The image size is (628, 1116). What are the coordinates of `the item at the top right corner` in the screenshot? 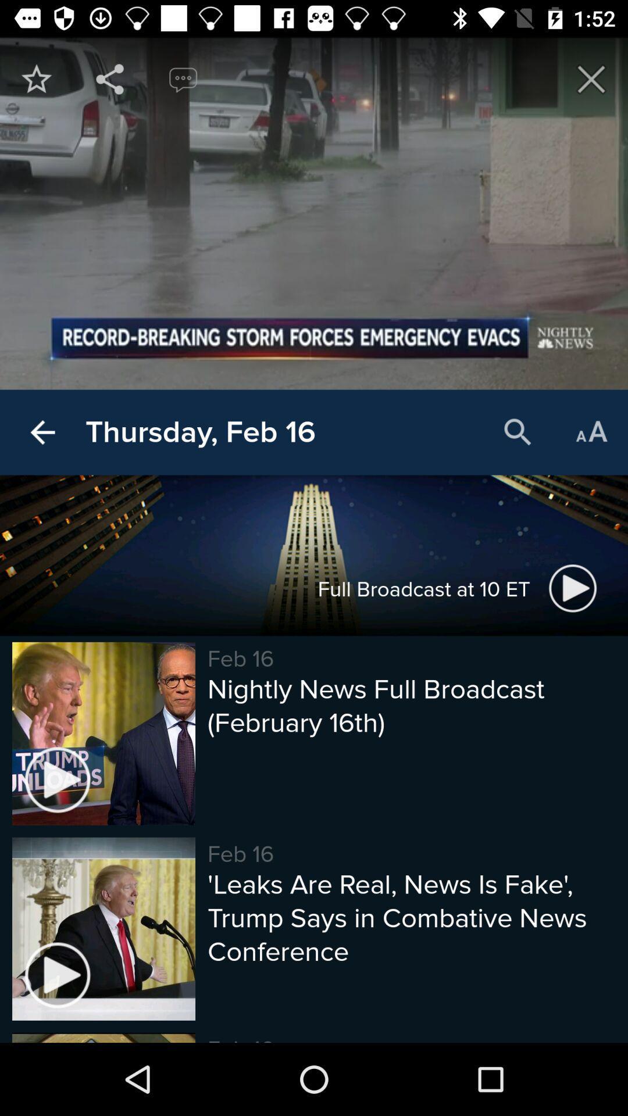 It's located at (591, 78).